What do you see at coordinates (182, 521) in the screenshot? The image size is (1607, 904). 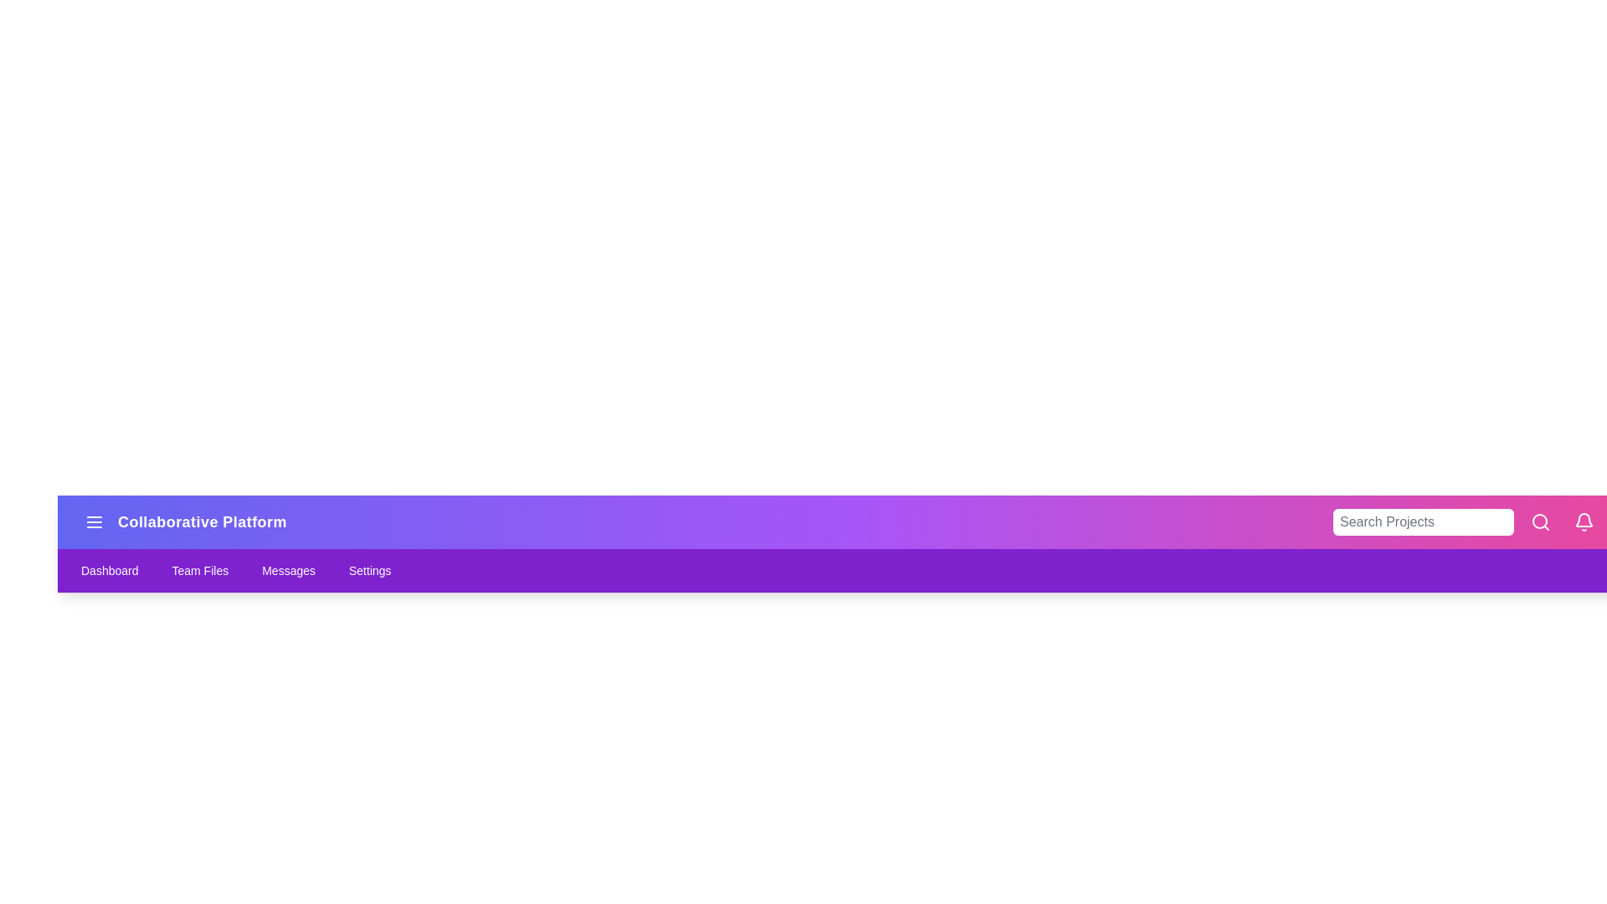 I see `text of the label with a purple background displaying 'Collaborative Platform' located in the top-left section of the navigation bar` at bounding box center [182, 521].